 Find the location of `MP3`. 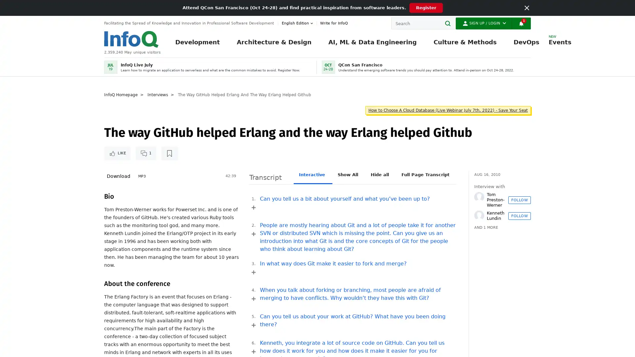

MP3 is located at coordinates (142, 176).